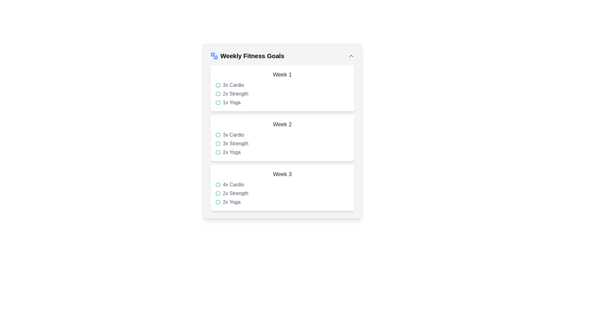 Image resolution: width=598 pixels, height=336 pixels. I want to click on the 'Week 3' title header text element, which identifies the content related to Week 3 of a fitness program, so click(282, 174).